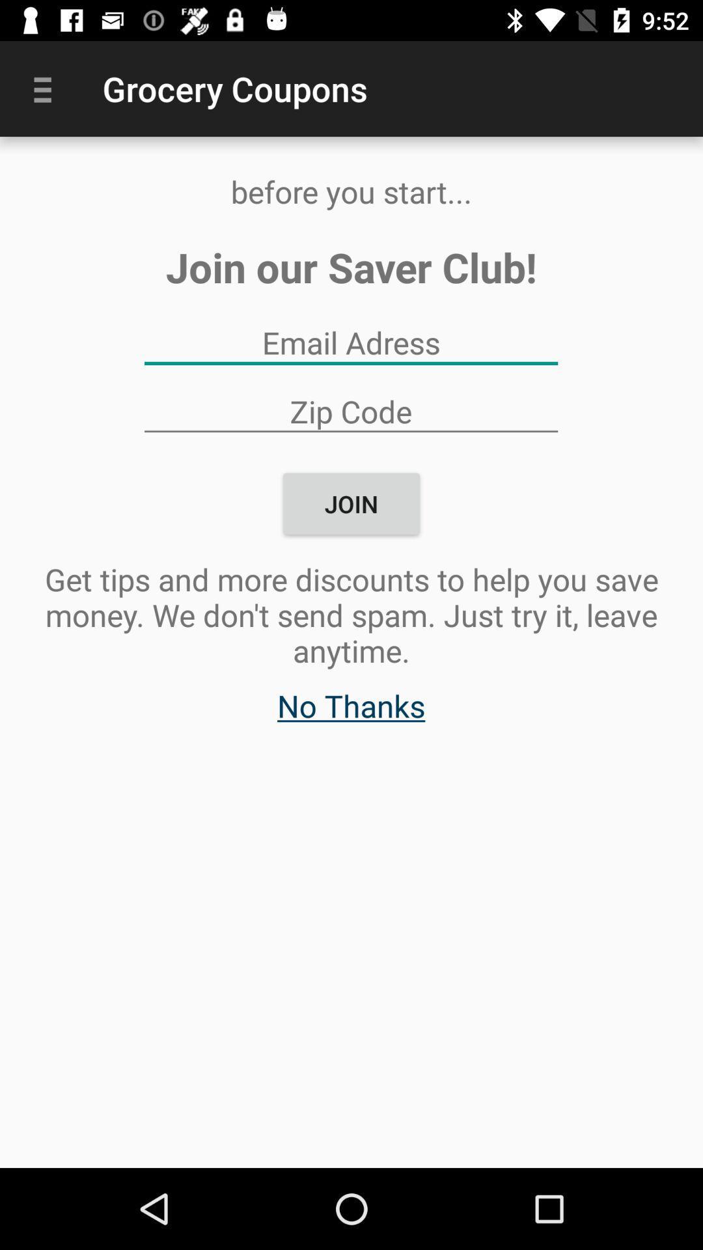 This screenshot has width=703, height=1250. I want to click on the app below the get tips and item, so click(350, 712).